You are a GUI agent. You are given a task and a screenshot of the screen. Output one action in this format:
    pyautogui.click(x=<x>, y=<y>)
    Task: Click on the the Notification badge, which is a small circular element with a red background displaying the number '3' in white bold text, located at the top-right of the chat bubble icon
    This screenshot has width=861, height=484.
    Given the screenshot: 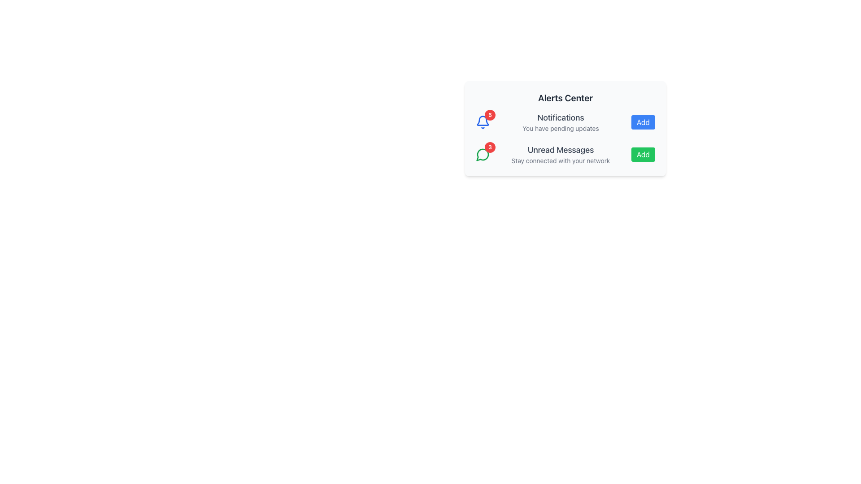 What is the action you would take?
    pyautogui.click(x=490, y=147)
    